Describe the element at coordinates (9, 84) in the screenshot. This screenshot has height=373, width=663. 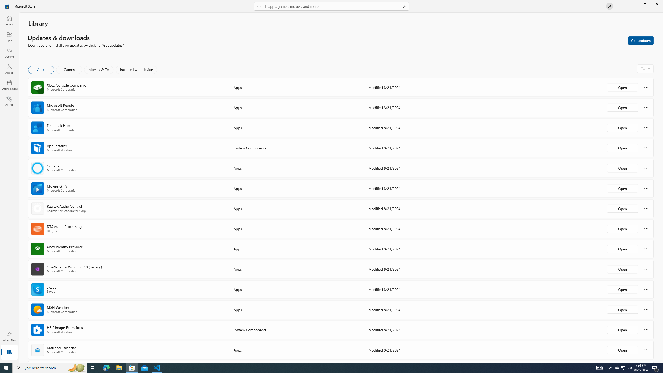
I see `'Entertainment'` at that location.